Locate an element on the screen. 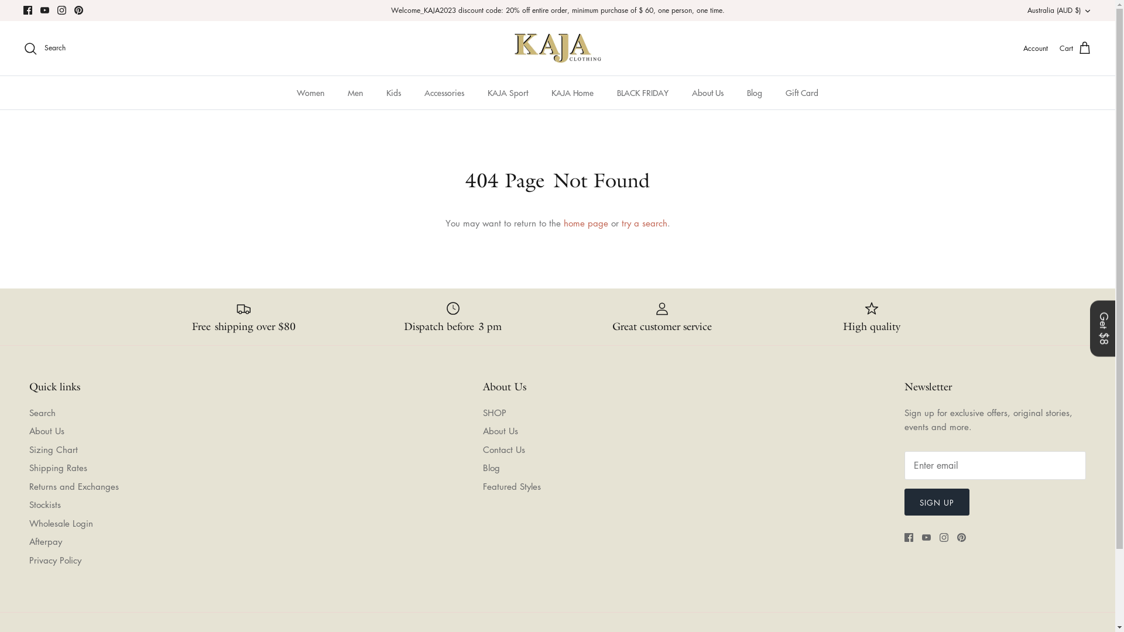  'Cart' is located at coordinates (1075, 48).